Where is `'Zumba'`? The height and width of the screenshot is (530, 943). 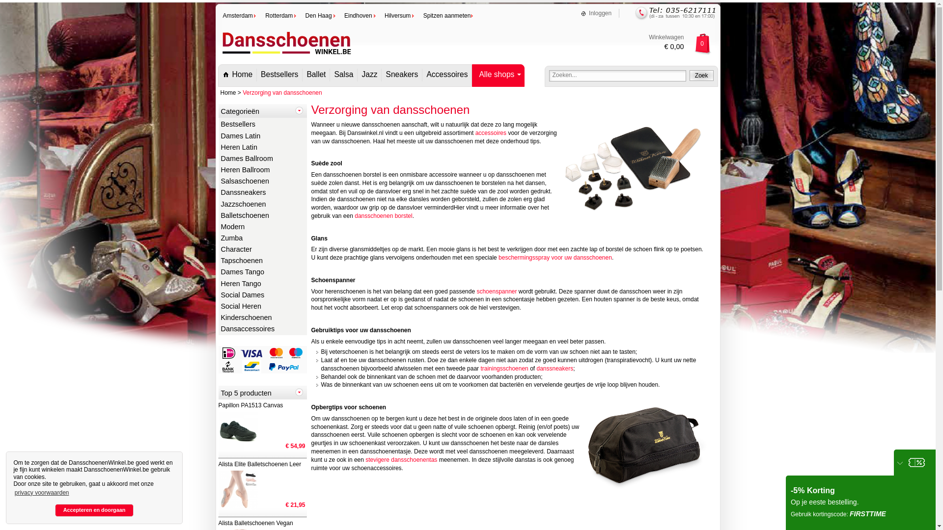
'Zumba' is located at coordinates (262, 238).